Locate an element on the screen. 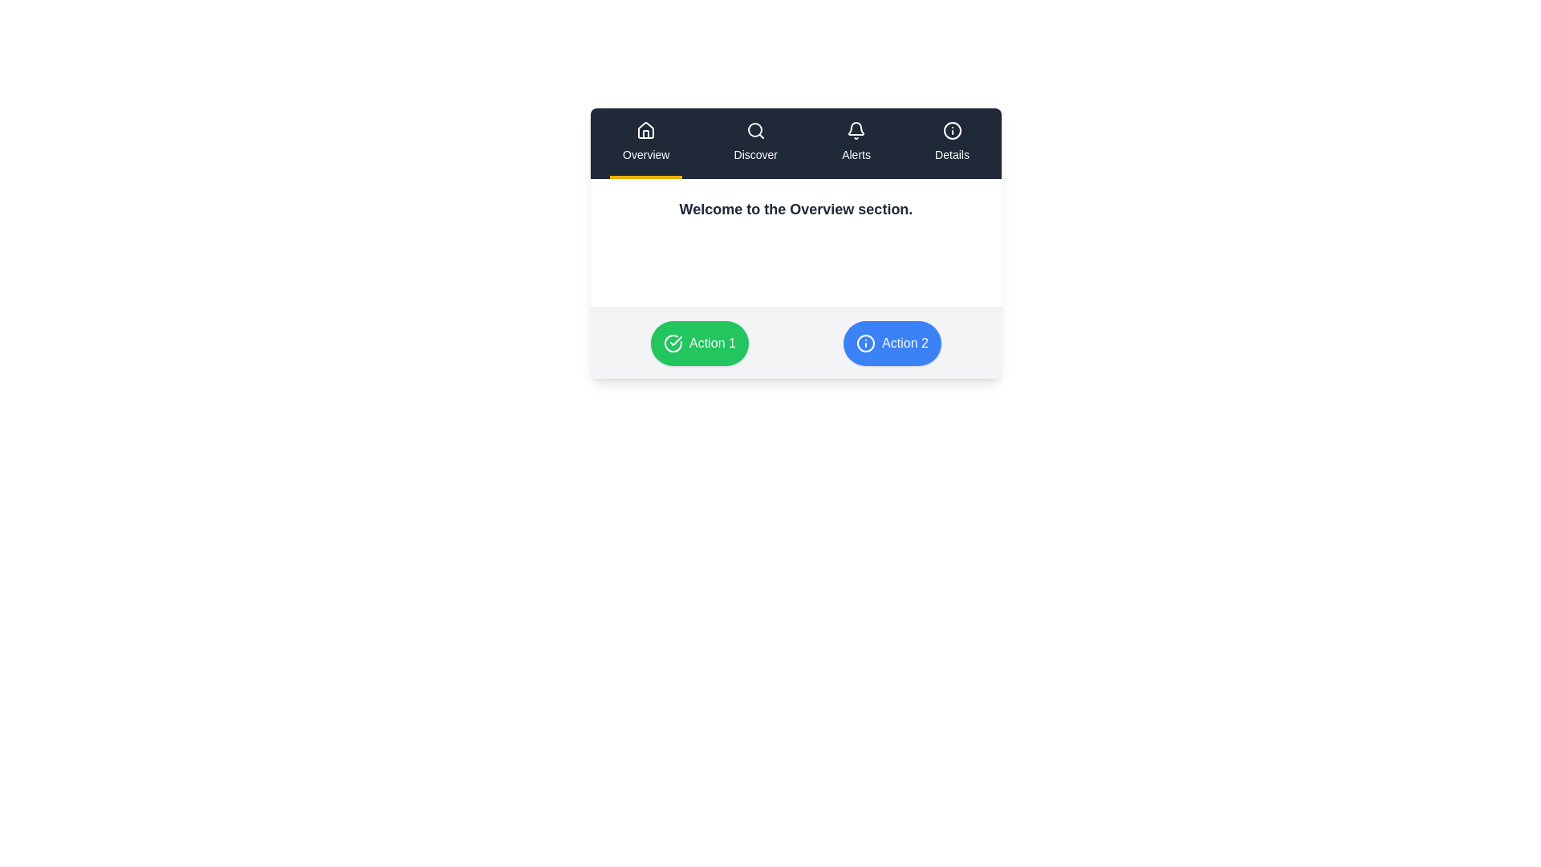 The height and width of the screenshot is (867, 1541). the 'Action 1' button, which is represented by a green circular background with a checkmark SVG icon at its center is located at coordinates (673, 343).